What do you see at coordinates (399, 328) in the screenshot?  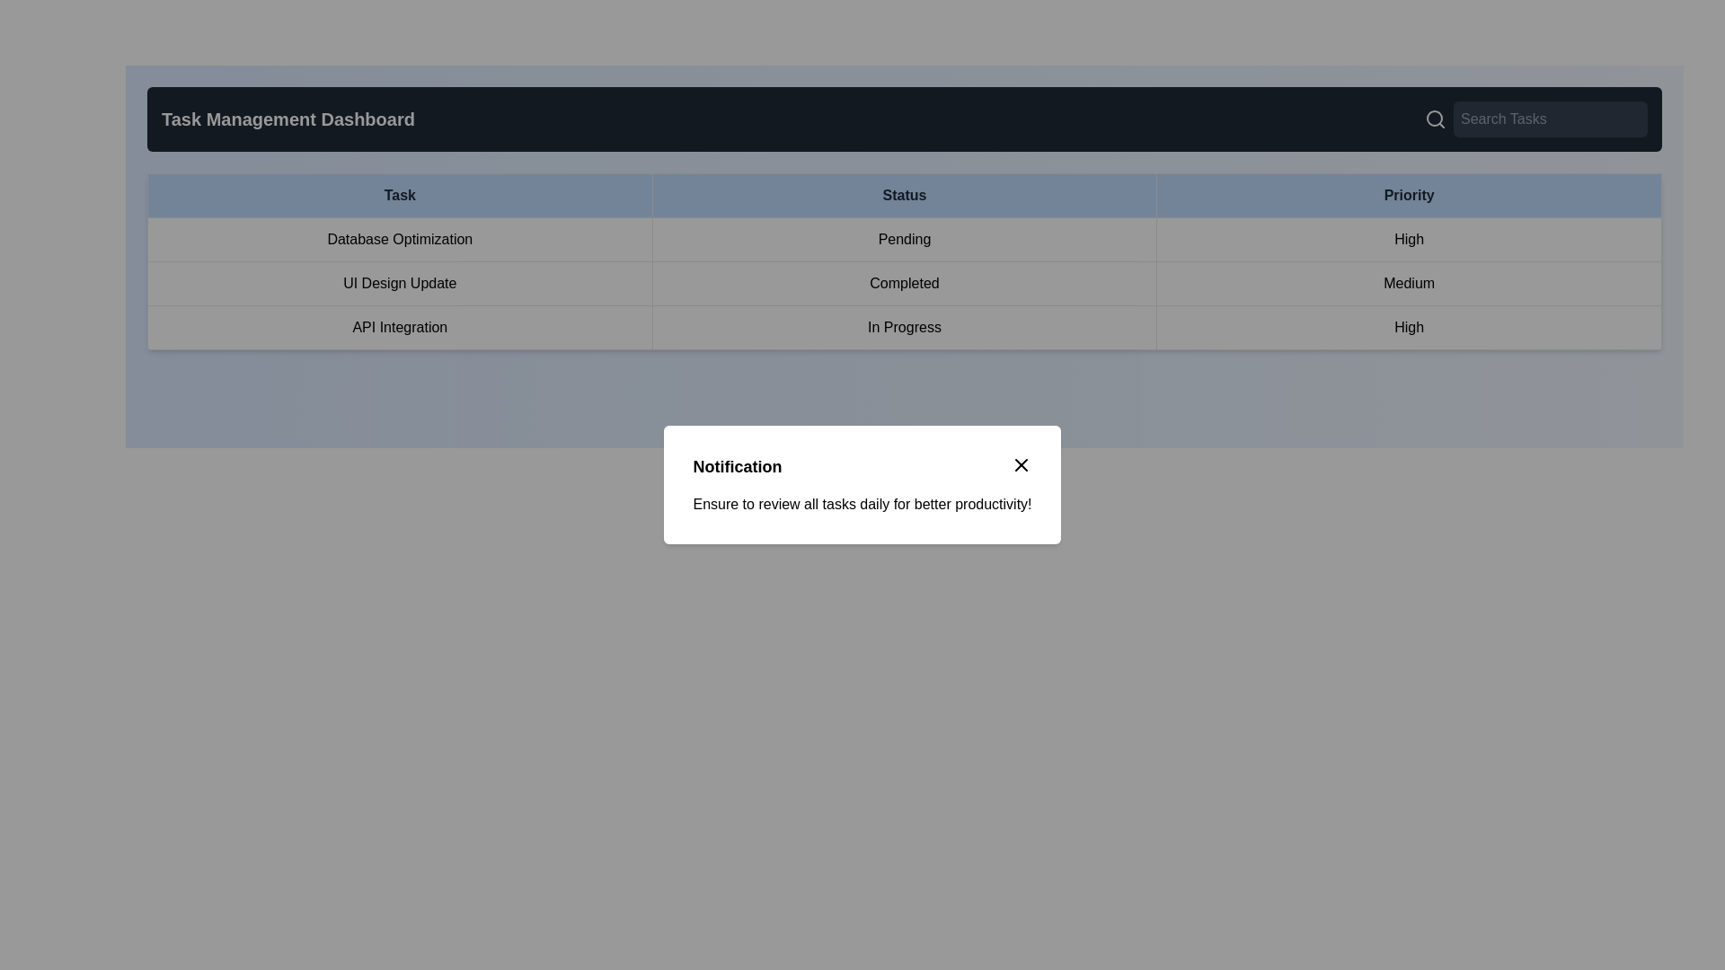 I see `the static text label displaying 'API Integration' in the 'Task' column of the Task Management Dashboard` at bounding box center [399, 328].